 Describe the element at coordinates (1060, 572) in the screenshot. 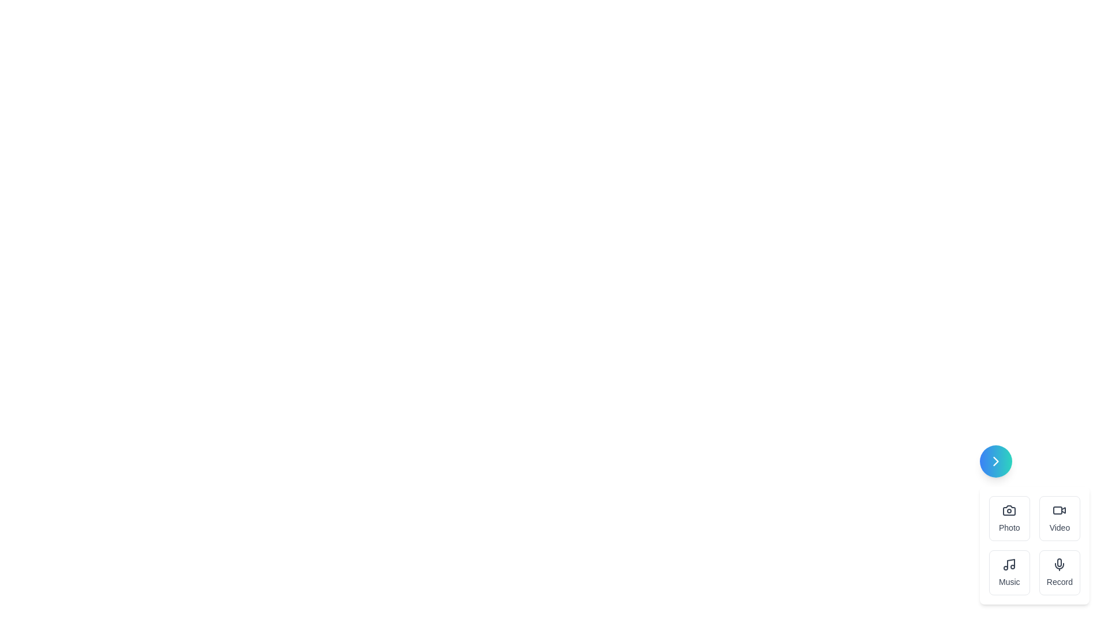

I see `the Record button in the speed dial menu` at that location.